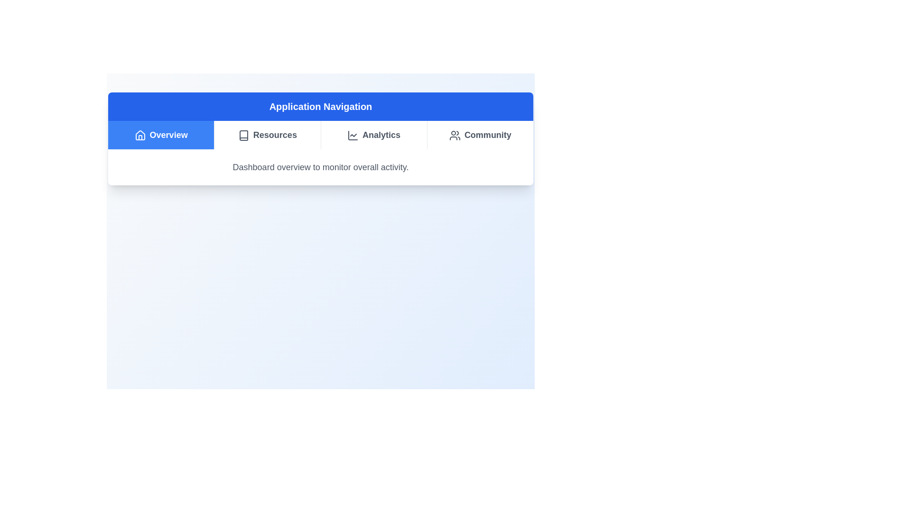 The image size is (911, 512). What do you see at coordinates (267, 135) in the screenshot?
I see `the tab item corresponding to Resources` at bounding box center [267, 135].